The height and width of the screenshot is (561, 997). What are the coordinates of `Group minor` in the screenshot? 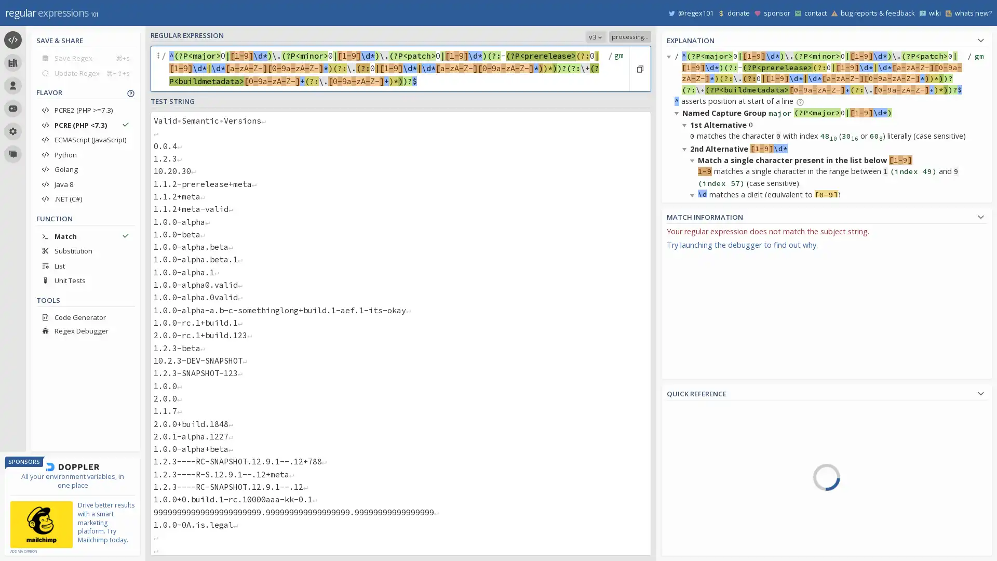 It's located at (712, 532).